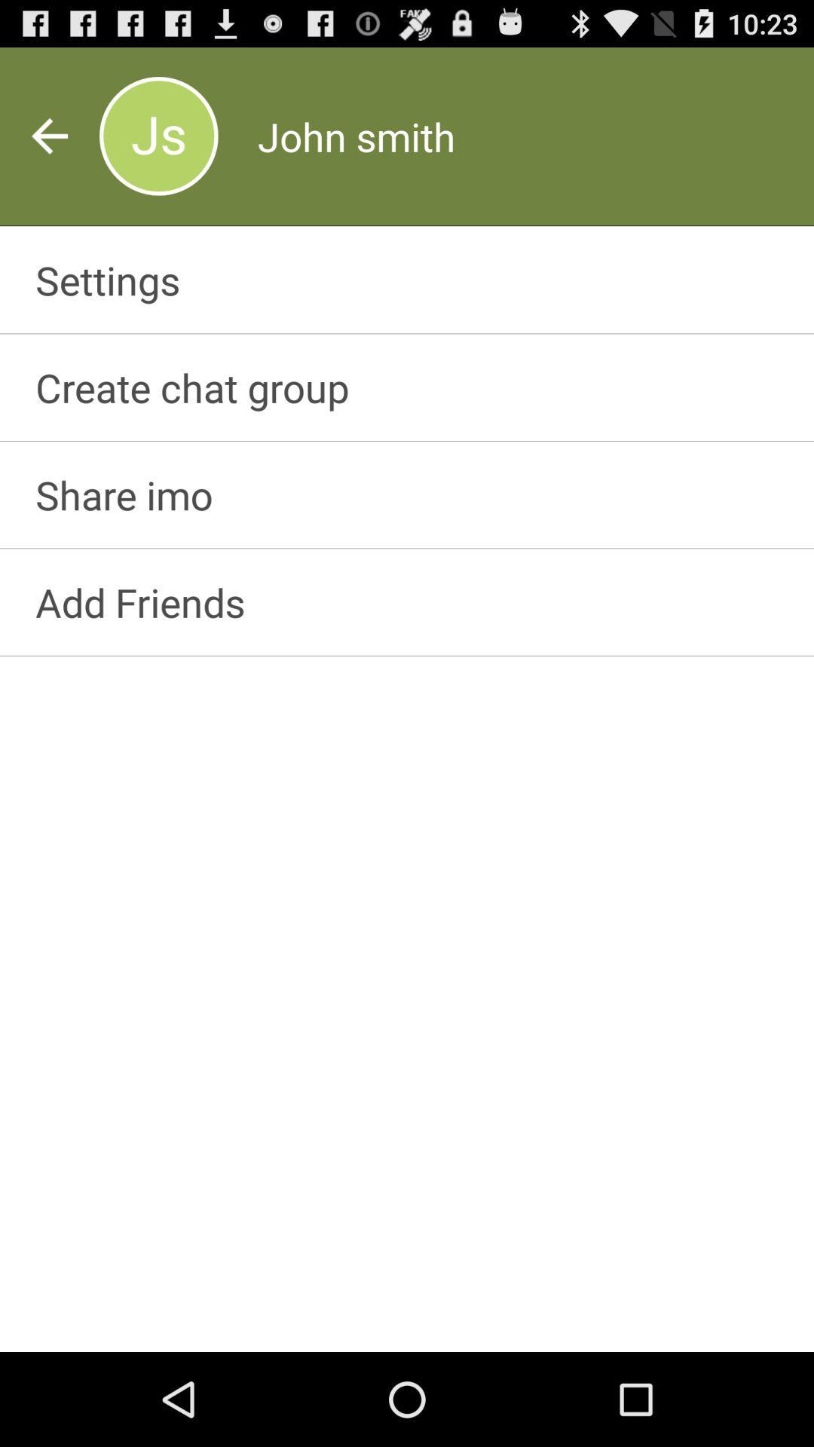  I want to click on the avatar icon, so click(158, 145).